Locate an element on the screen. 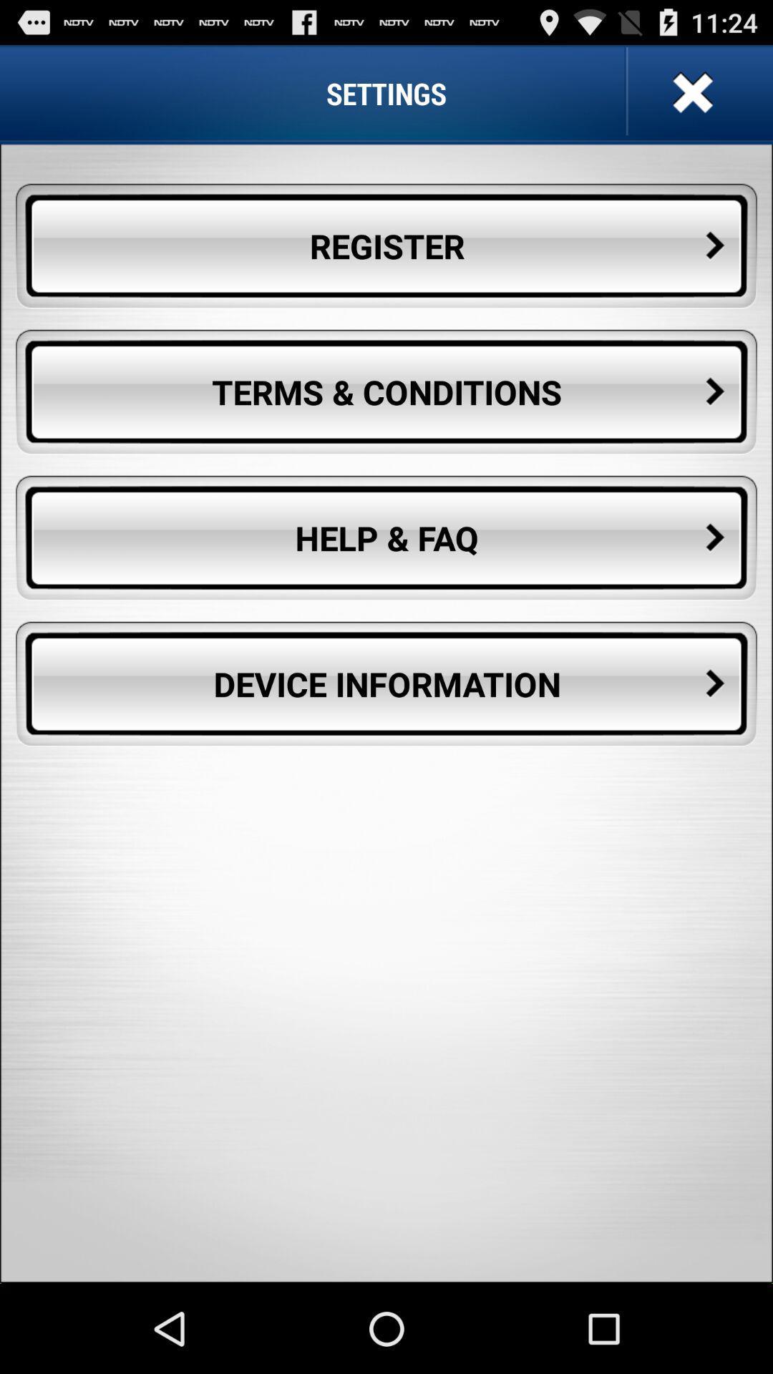 This screenshot has width=773, height=1374. register button is located at coordinates (386, 246).